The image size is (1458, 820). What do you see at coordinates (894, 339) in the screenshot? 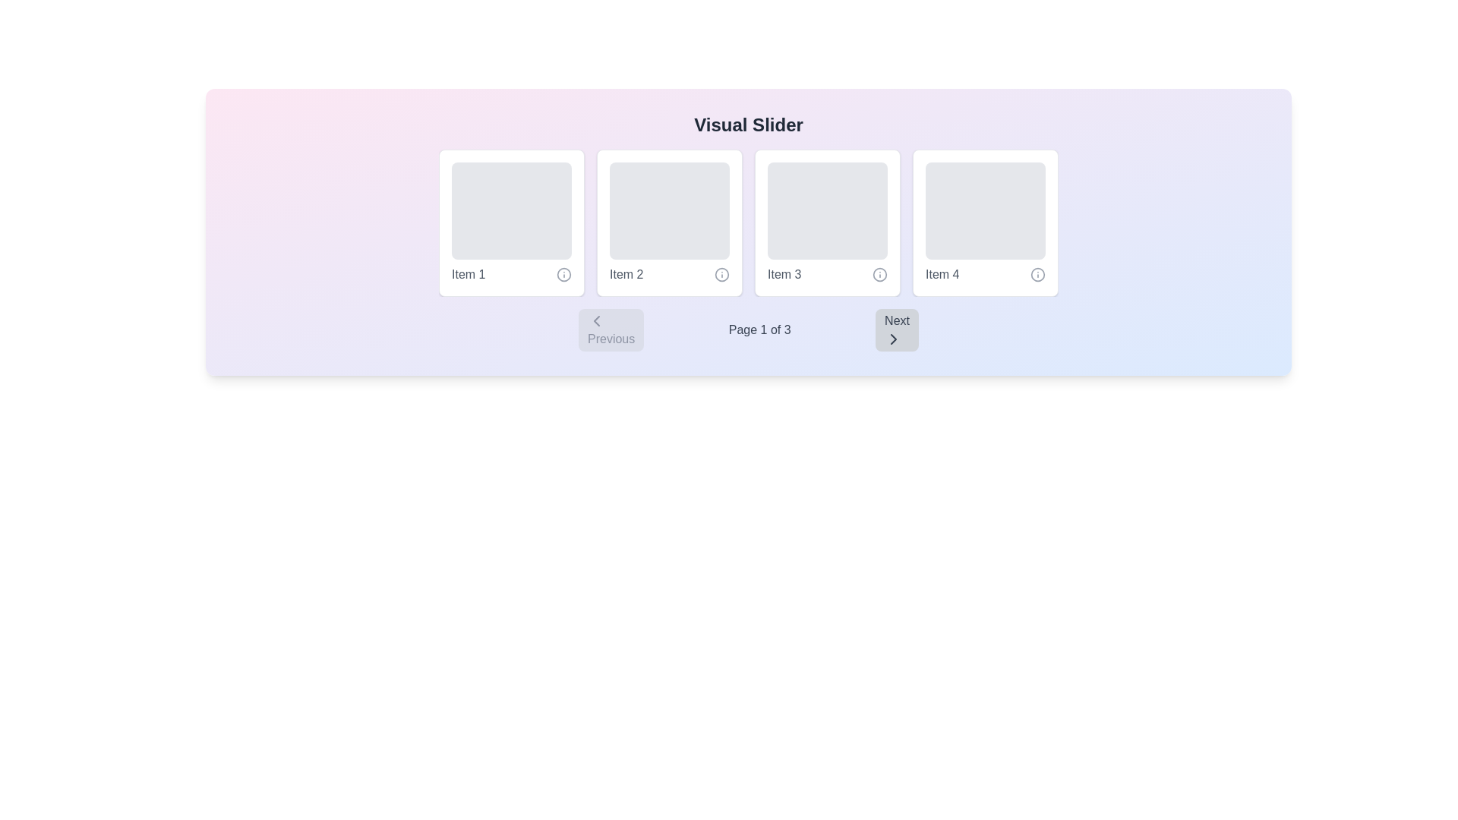
I see `the 'Next' button by clicking on the Chevron-Right icon located to the right of the pagination display at the center-bottom of the interface` at bounding box center [894, 339].